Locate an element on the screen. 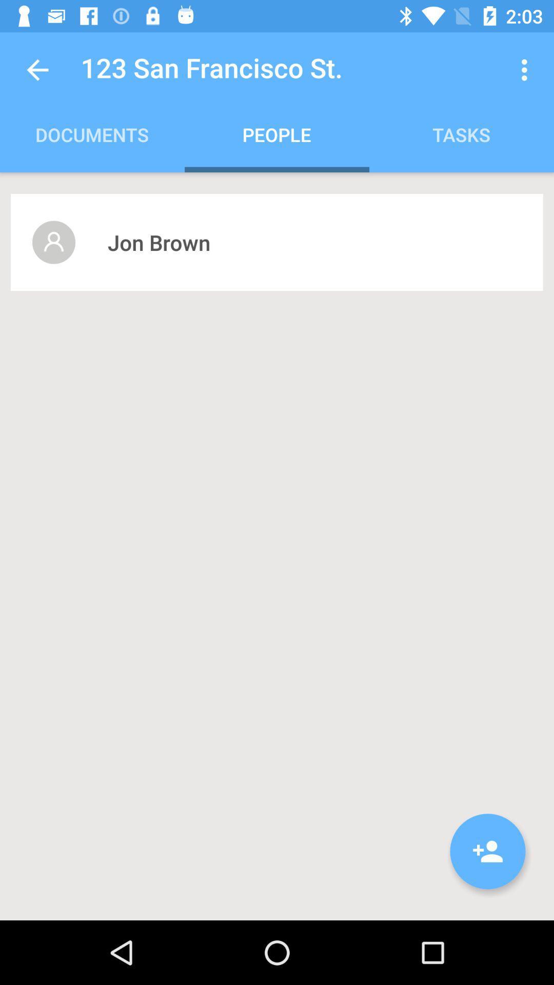 The width and height of the screenshot is (554, 985). icon above jon brown item is located at coordinates (527, 69).